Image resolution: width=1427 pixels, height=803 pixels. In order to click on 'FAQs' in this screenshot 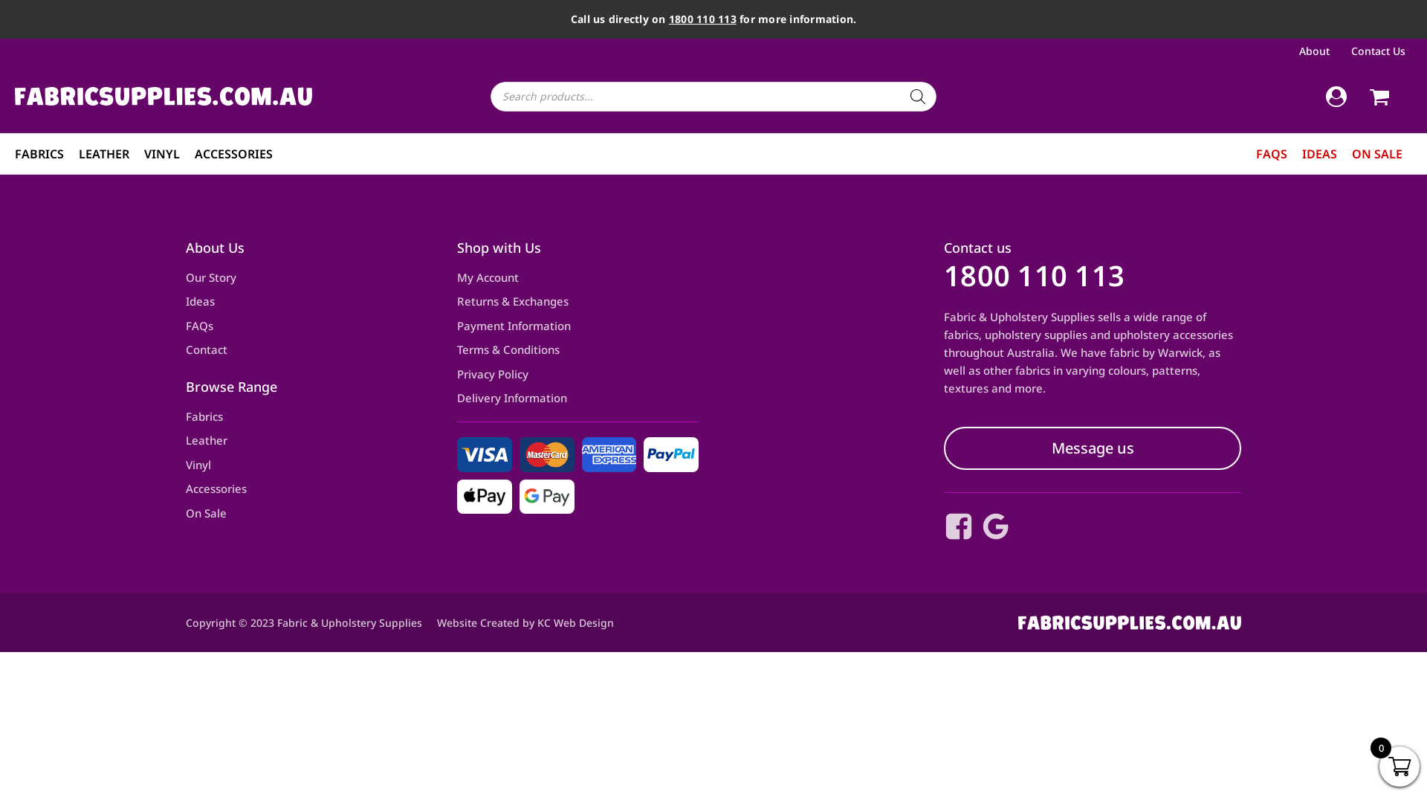, I will do `click(198, 325)`.